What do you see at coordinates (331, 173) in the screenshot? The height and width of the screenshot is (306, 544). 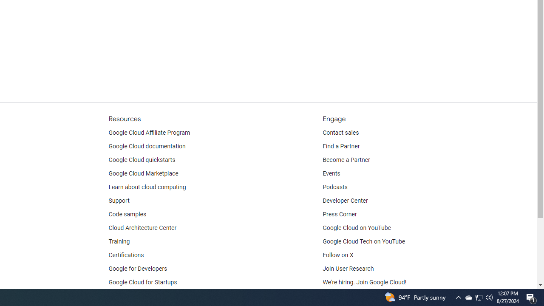 I see `'Events'` at bounding box center [331, 173].